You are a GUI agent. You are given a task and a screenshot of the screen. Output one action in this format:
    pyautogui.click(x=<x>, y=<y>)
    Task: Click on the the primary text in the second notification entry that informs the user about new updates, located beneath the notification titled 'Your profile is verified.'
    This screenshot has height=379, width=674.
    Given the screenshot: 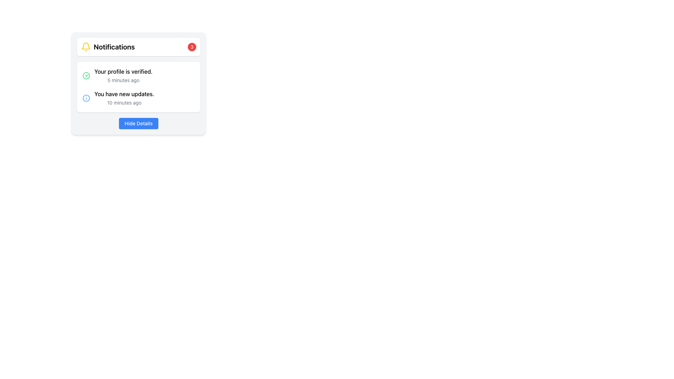 What is the action you would take?
    pyautogui.click(x=124, y=93)
    